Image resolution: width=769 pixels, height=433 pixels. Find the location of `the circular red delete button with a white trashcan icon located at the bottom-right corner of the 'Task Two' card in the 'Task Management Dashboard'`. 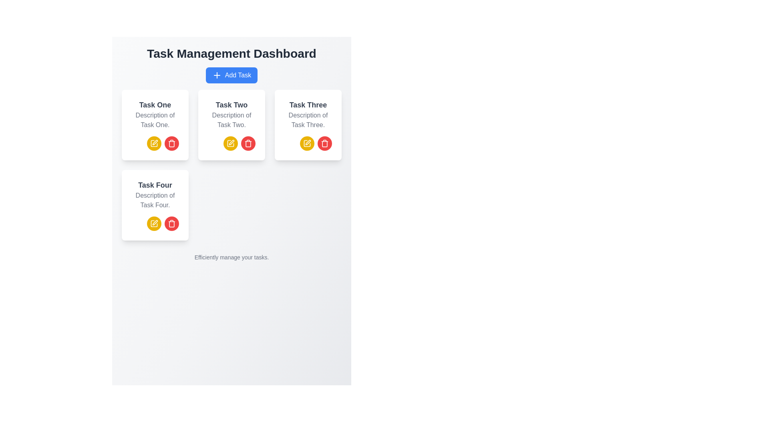

the circular red delete button with a white trashcan icon located at the bottom-right corner of the 'Task Two' card in the 'Task Management Dashboard' is located at coordinates (248, 143).